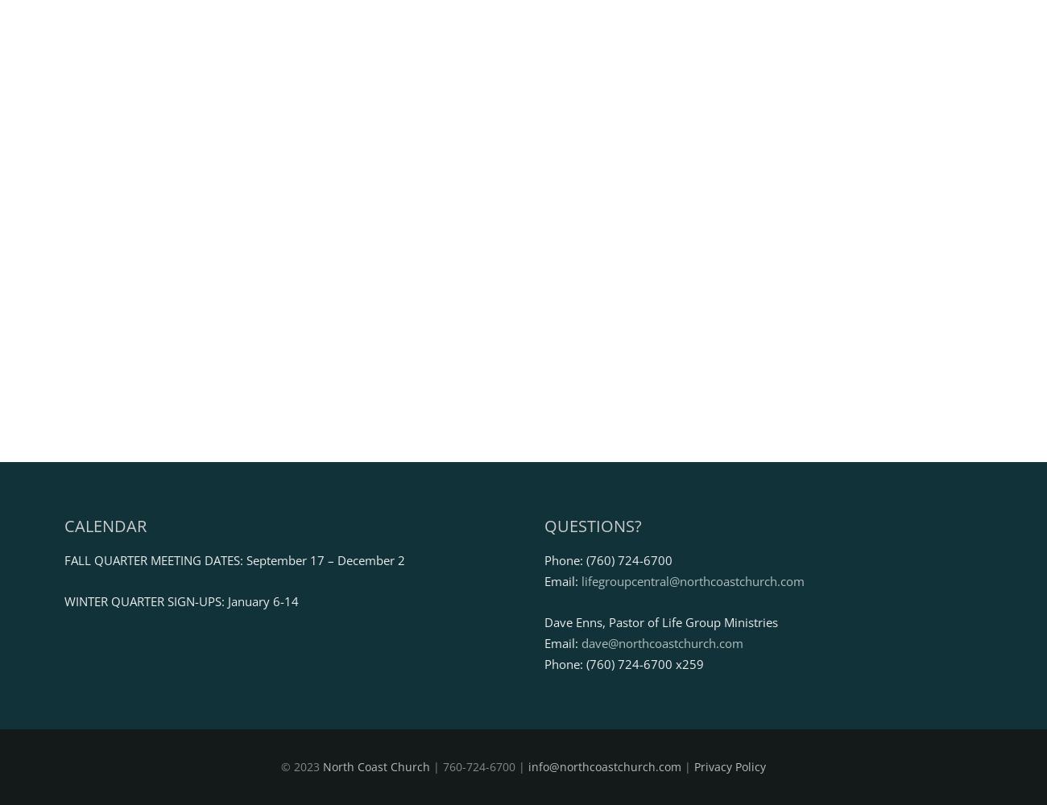  Describe the element at coordinates (105, 525) in the screenshot. I see `'CALENDAR'` at that location.